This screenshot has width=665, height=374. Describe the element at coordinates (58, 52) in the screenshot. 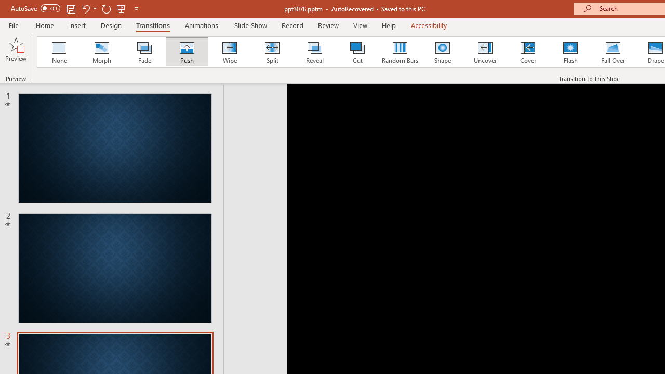

I see `'None'` at that location.